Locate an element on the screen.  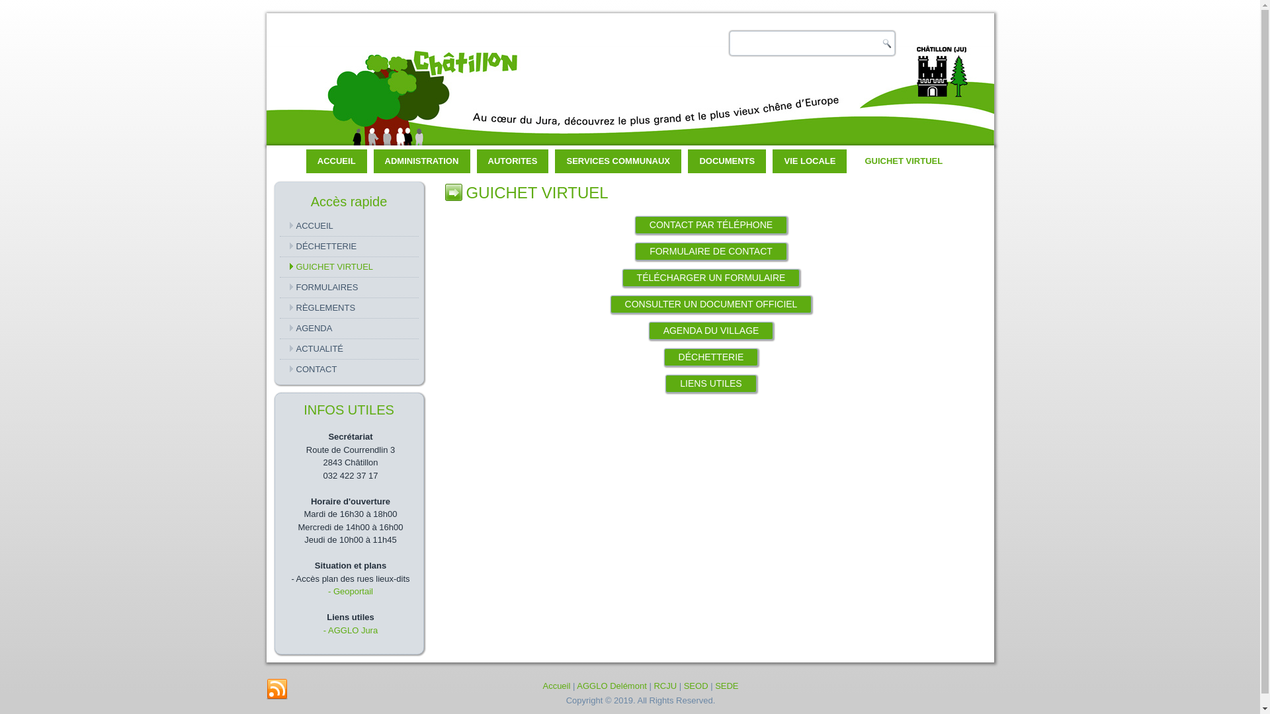
'FORMULAIRES' is located at coordinates (349, 287).